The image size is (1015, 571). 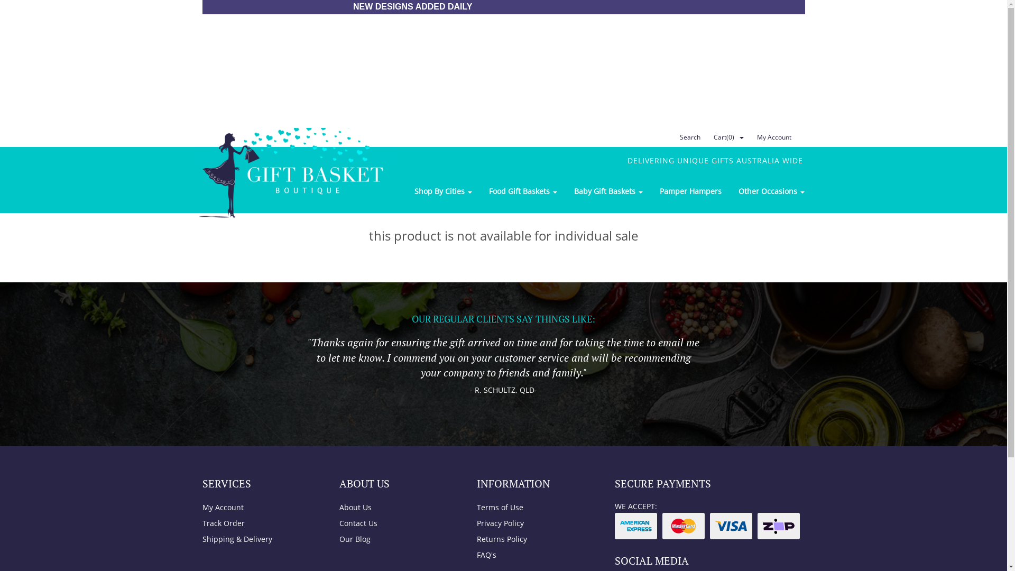 What do you see at coordinates (479, 191) in the screenshot?
I see `'Food Gift Baskets'` at bounding box center [479, 191].